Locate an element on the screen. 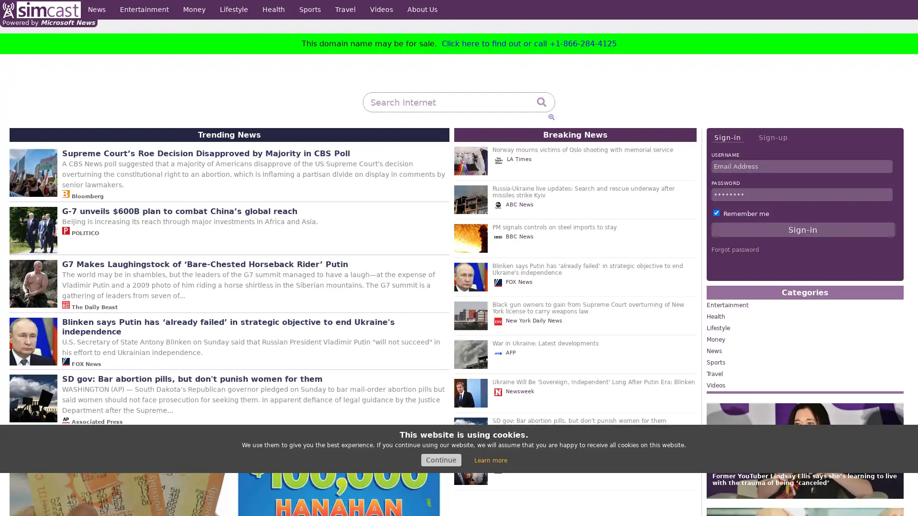 The width and height of the screenshot is (918, 516). Sign-in is located at coordinates (803, 230).